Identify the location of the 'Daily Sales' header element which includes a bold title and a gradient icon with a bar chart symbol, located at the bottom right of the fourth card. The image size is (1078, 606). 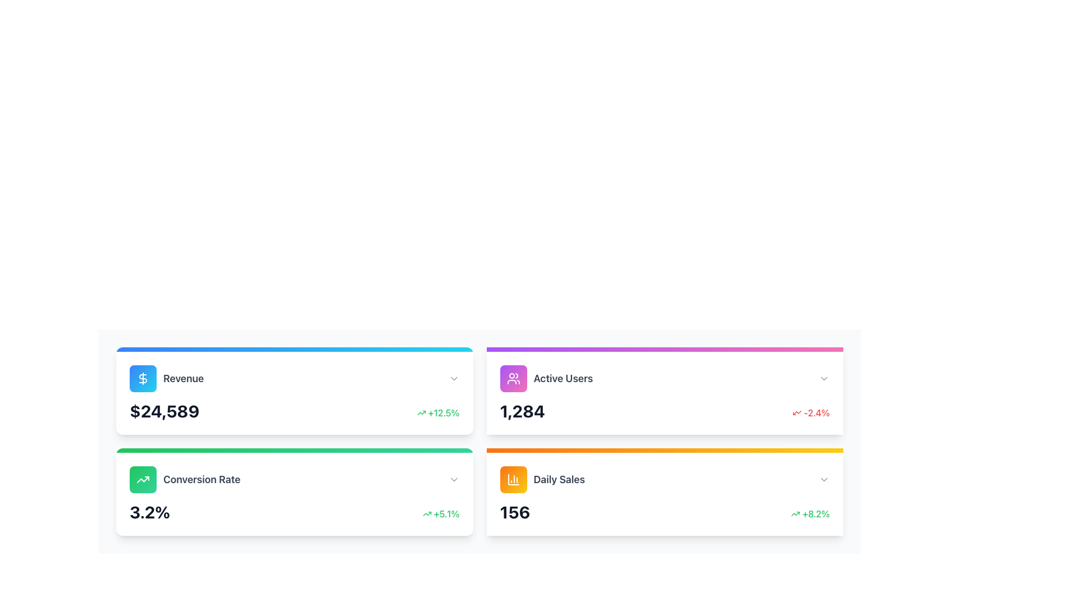
(542, 480).